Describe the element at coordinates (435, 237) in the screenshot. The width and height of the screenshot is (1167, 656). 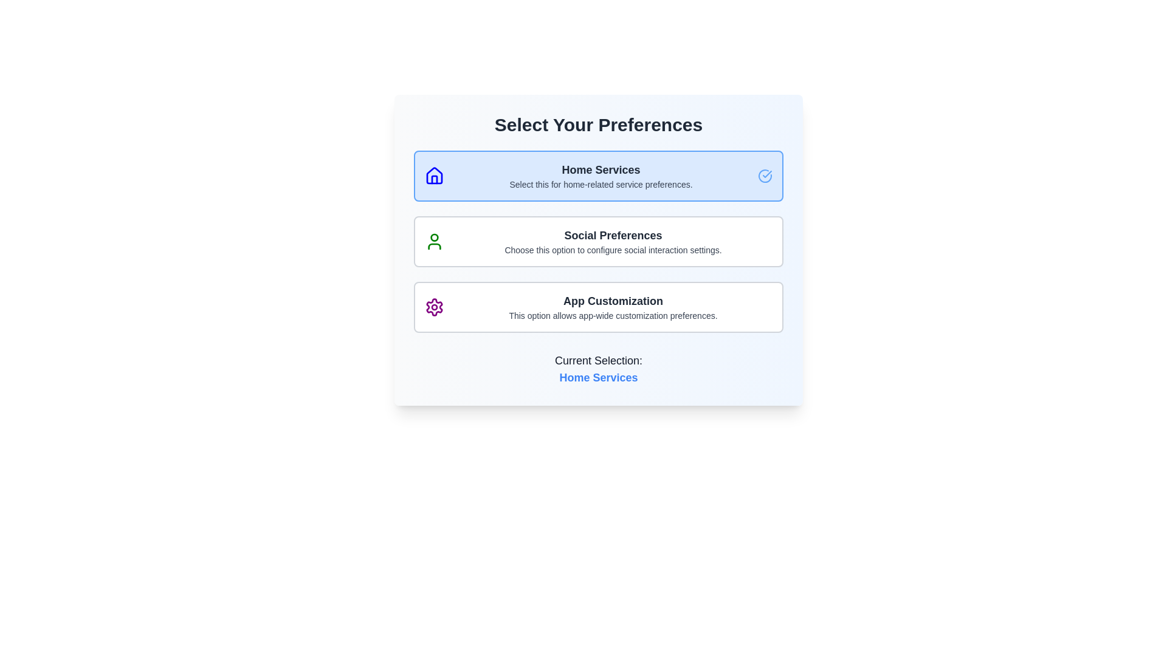
I see `the head icon of the user within the Social Preferences option, which is represented by an SVG circle element positioned centrally at the top of the user illustration` at that location.